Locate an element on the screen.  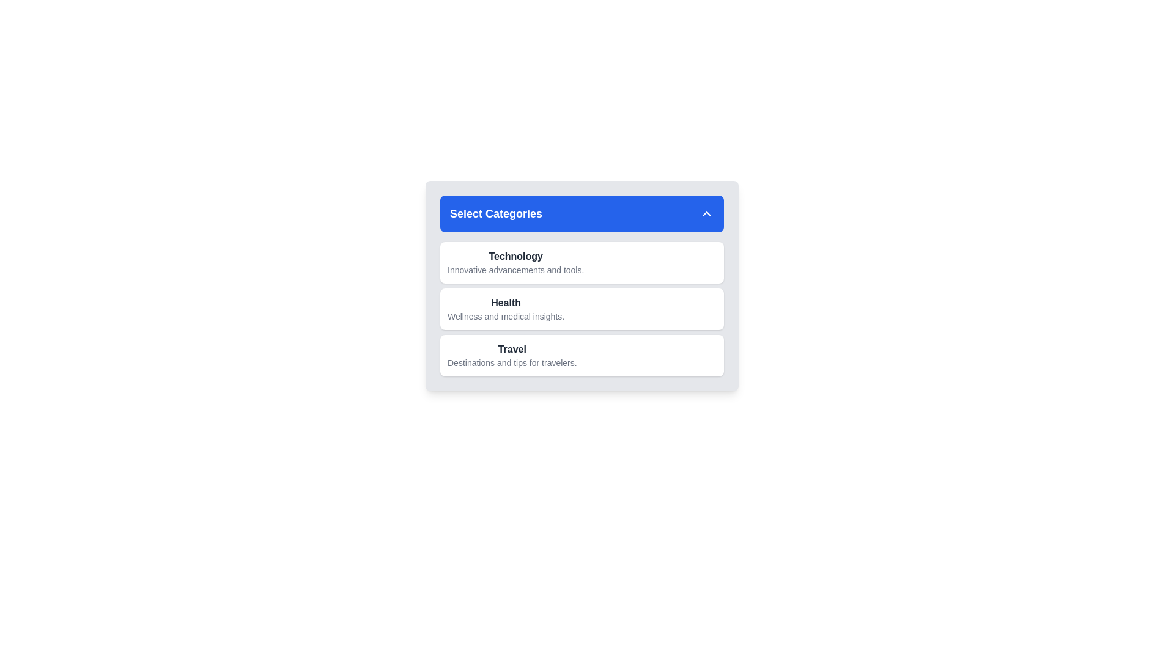
the 'Health' selectable card in the category list, which is positioned between 'Technology' and 'Travel.' is located at coordinates (581, 308).